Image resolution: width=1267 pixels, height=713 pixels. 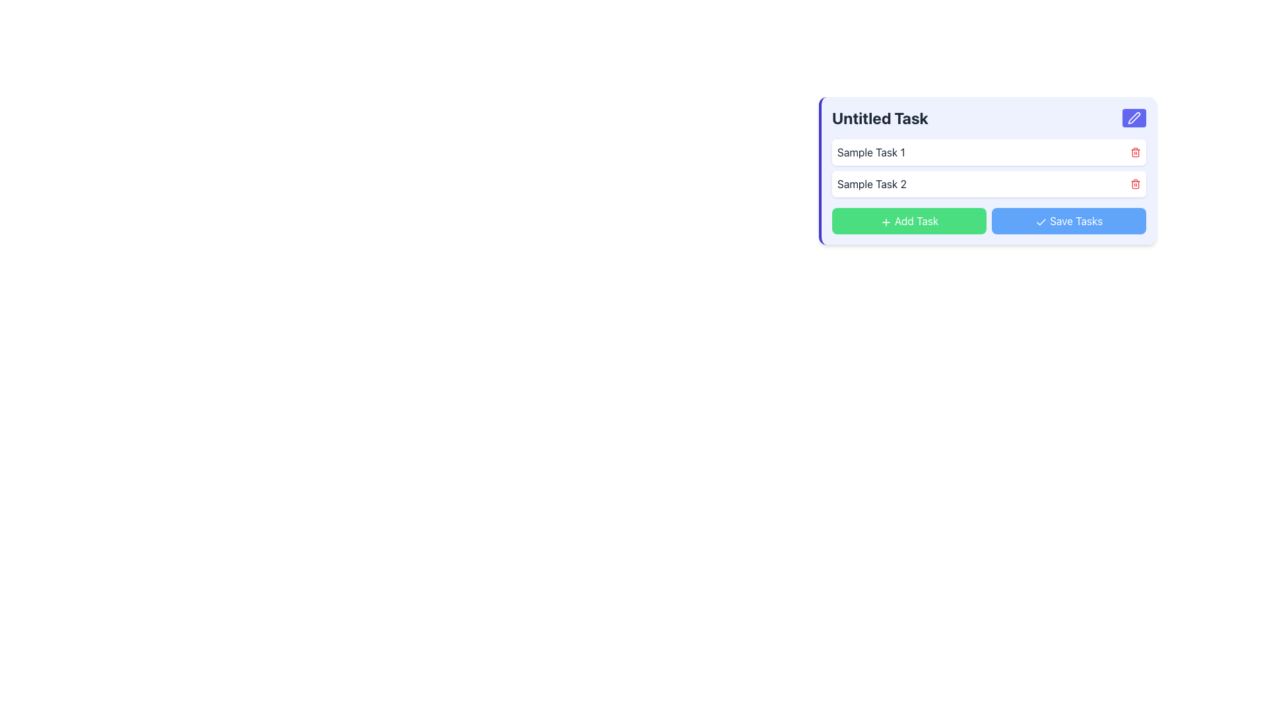 What do you see at coordinates (1133, 117) in the screenshot?
I see `the small pen icon inside the blue button located at the top-right corner of the 'Untitled Task' card` at bounding box center [1133, 117].